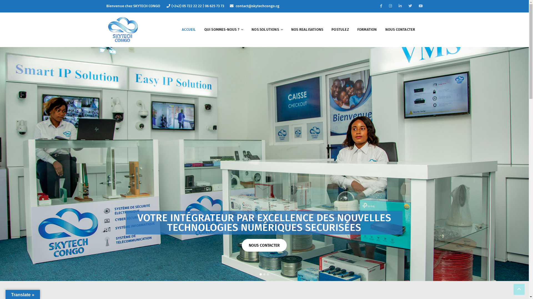 This screenshot has height=299, width=533. I want to click on 'QUI SOMMES-NOUS ?', so click(224, 30).